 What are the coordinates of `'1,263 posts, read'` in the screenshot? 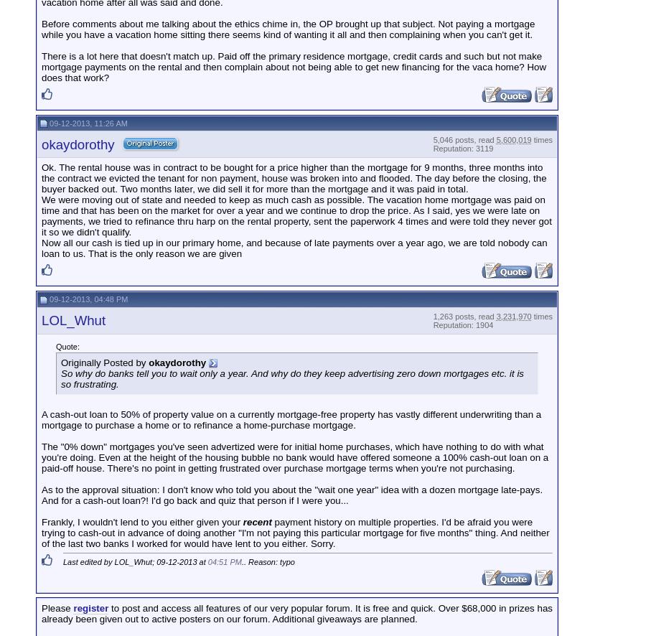 It's located at (464, 314).